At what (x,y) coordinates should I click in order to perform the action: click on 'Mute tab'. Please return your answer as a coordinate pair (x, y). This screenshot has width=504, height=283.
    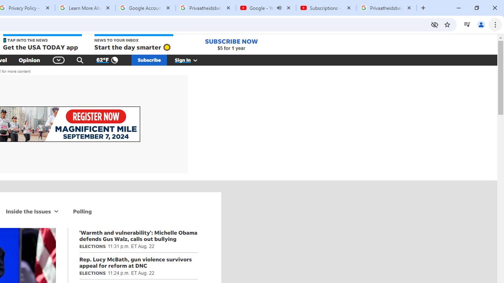
    Looking at the image, I should click on (279, 8).